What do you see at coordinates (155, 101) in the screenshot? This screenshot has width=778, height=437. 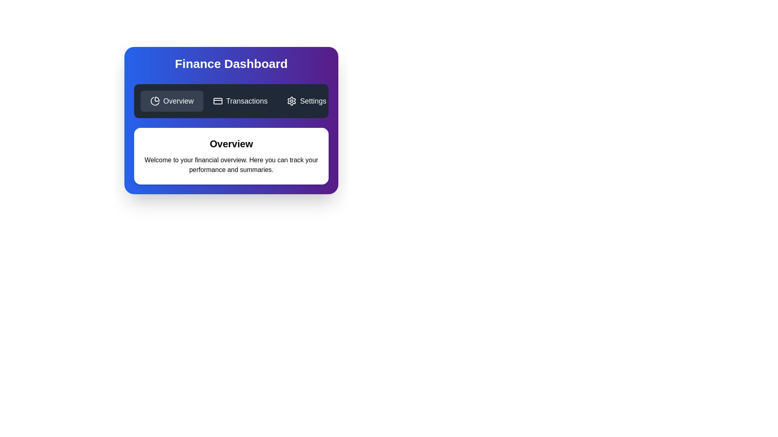 I see `the small chart pie icon with a minimalist outline design located within the 'Overview' button in the top section of the interface` at bounding box center [155, 101].